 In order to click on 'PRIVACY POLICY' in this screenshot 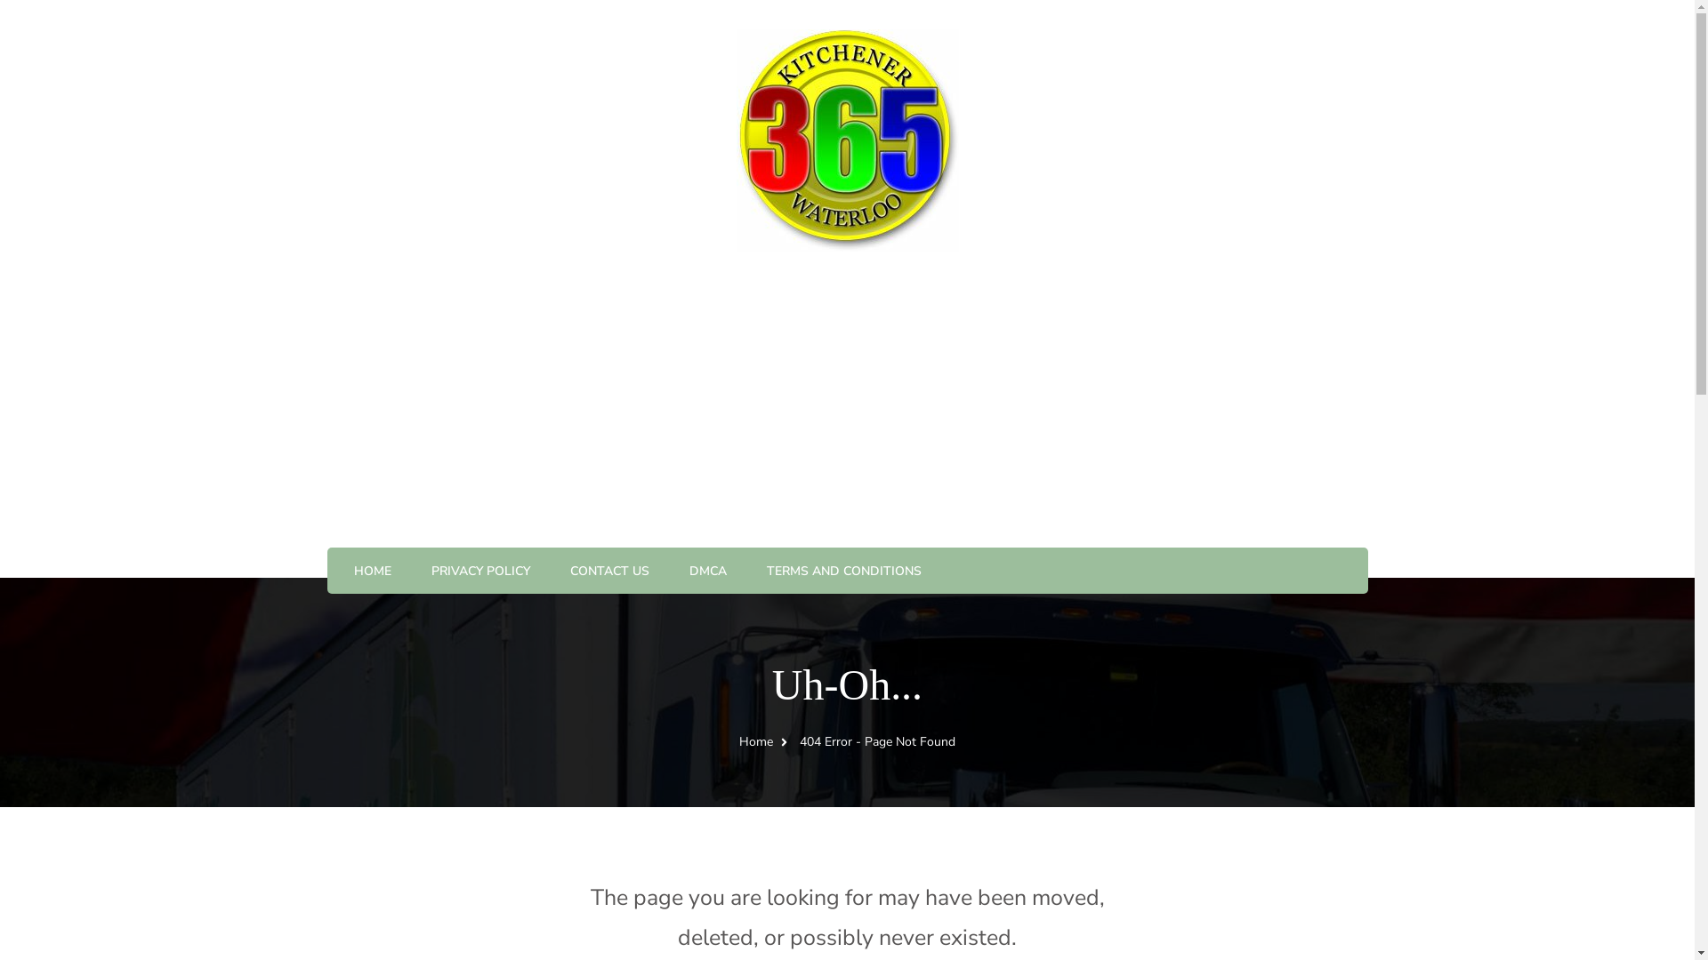, I will do `click(479, 572)`.